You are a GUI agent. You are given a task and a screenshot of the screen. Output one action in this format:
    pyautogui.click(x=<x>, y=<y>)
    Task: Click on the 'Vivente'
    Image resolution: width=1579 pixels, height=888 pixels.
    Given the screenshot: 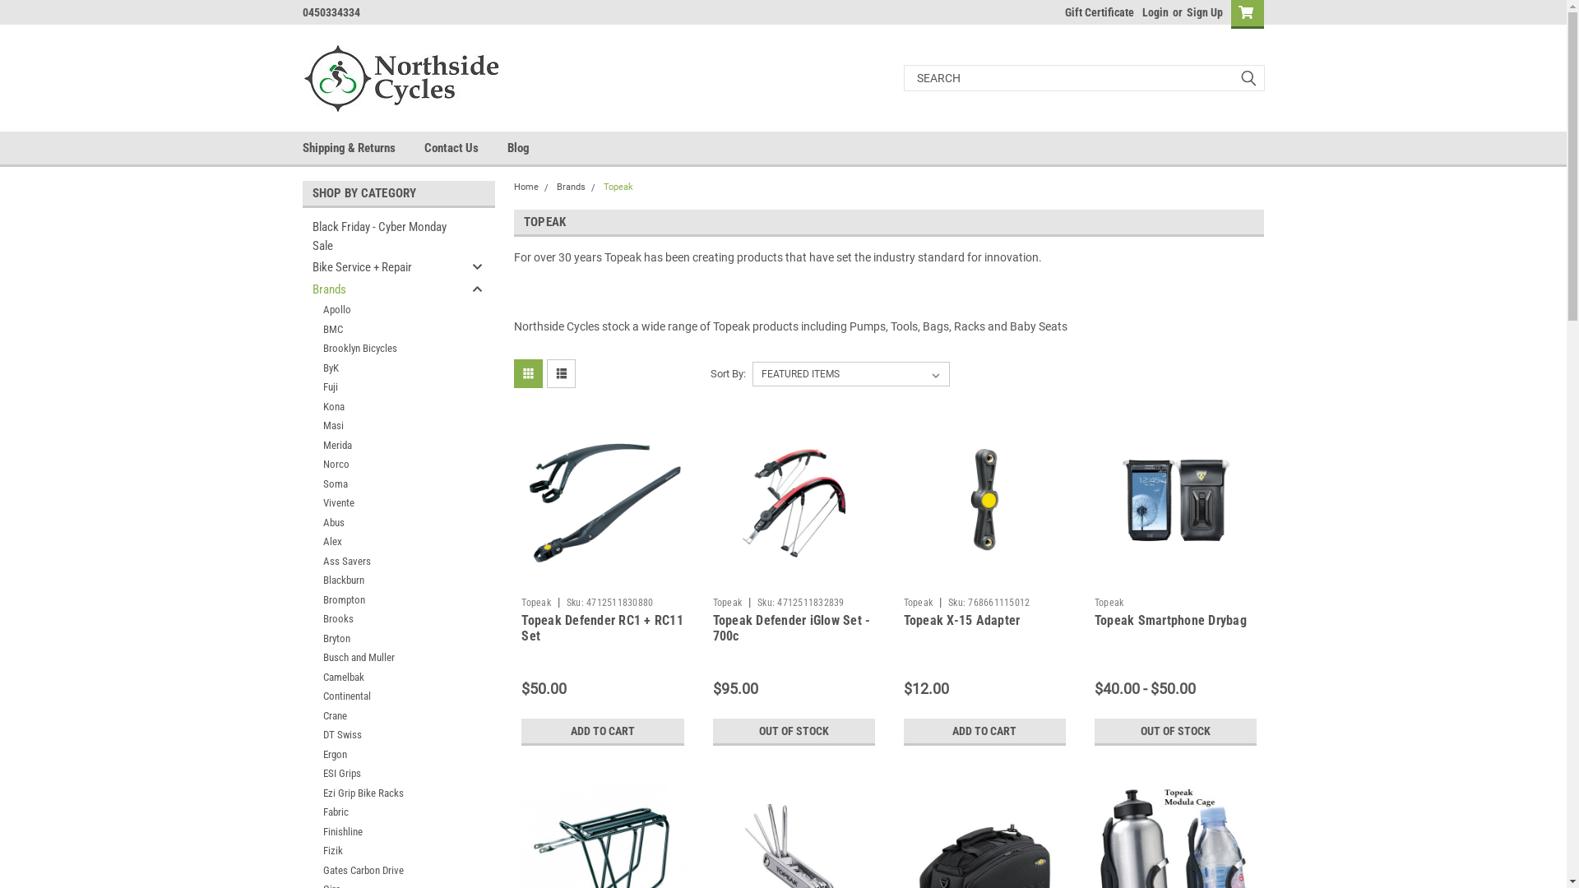 What is the action you would take?
    pyautogui.click(x=383, y=502)
    